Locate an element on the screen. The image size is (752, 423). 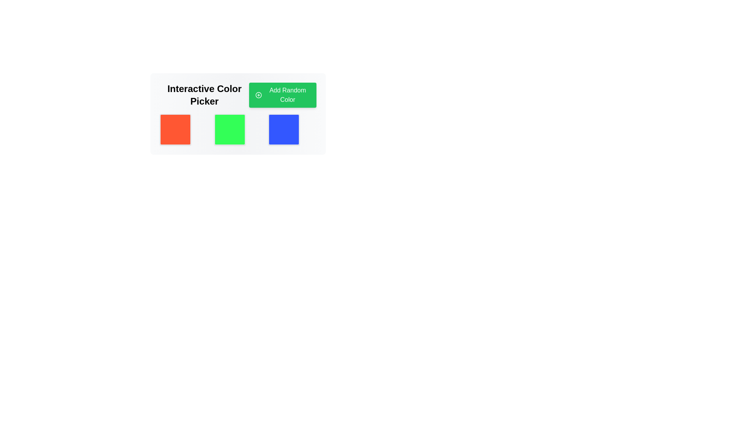
the button located in the 'Interactive Color Picker' section is located at coordinates (282, 95).